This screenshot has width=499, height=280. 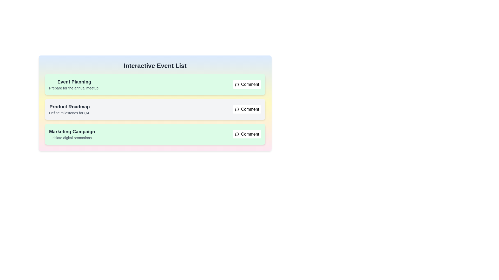 What do you see at coordinates (247, 84) in the screenshot?
I see `comment button for the item with title Event Planning` at bounding box center [247, 84].